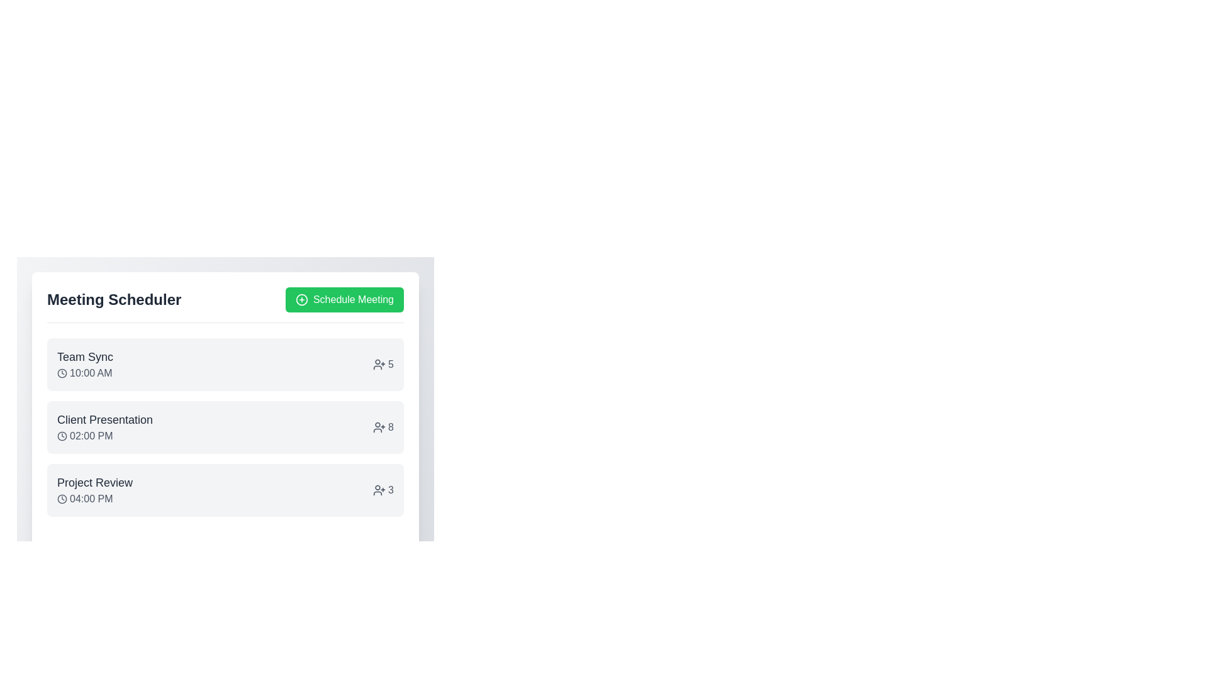 The image size is (1208, 679). Describe the element at coordinates (84, 364) in the screenshot. I see `meeting title 'Team Sync' and time '10:00 AM' displayed on the TextLabel located in the 'Meeting Scheduler' section` at that location.